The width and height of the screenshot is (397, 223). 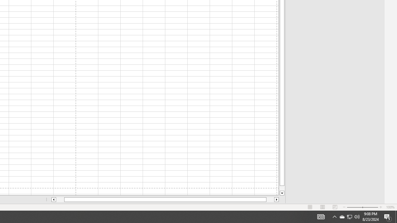 What do you see at coordinates (282, 188) in the screenshot?
I see `'Page down'` at bounding box center [282, 188].